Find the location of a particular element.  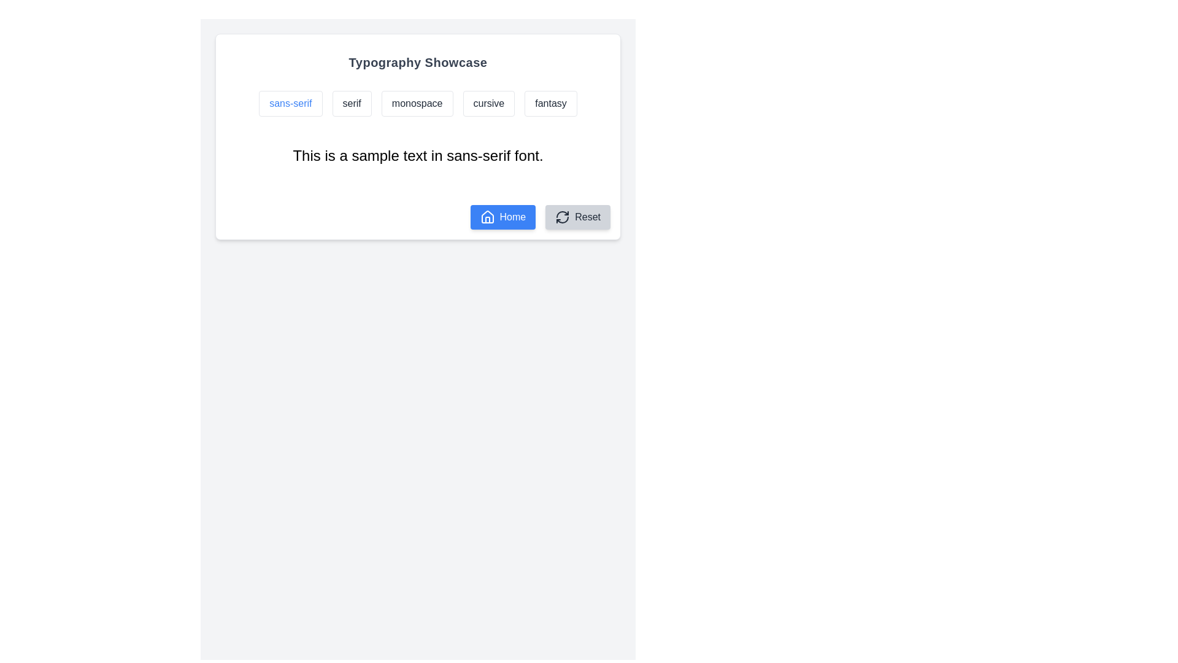

the button is located at coordinates (351, 103).